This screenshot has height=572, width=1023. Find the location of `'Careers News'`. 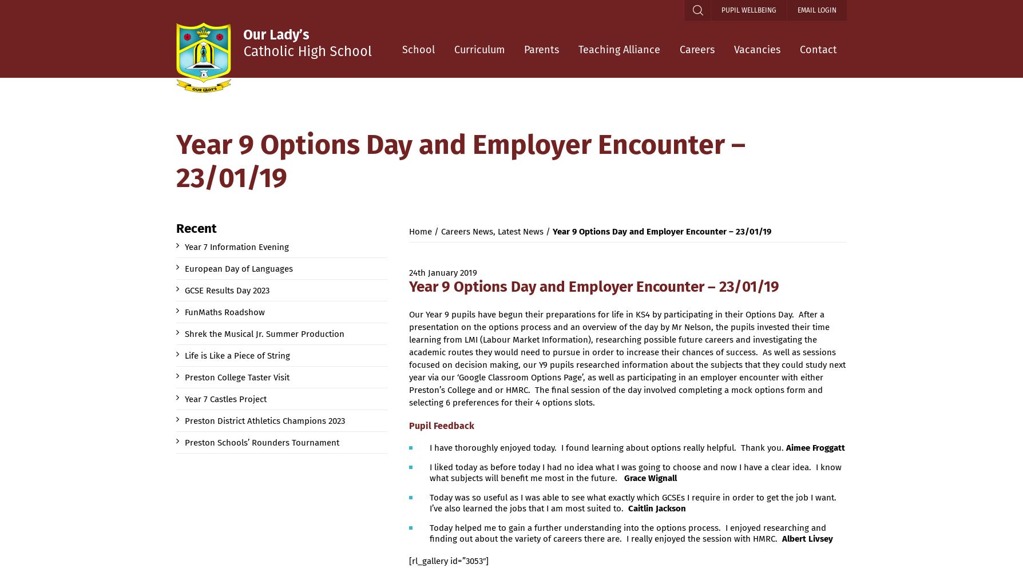

'Careers News' is located at coordinates (466, 232).